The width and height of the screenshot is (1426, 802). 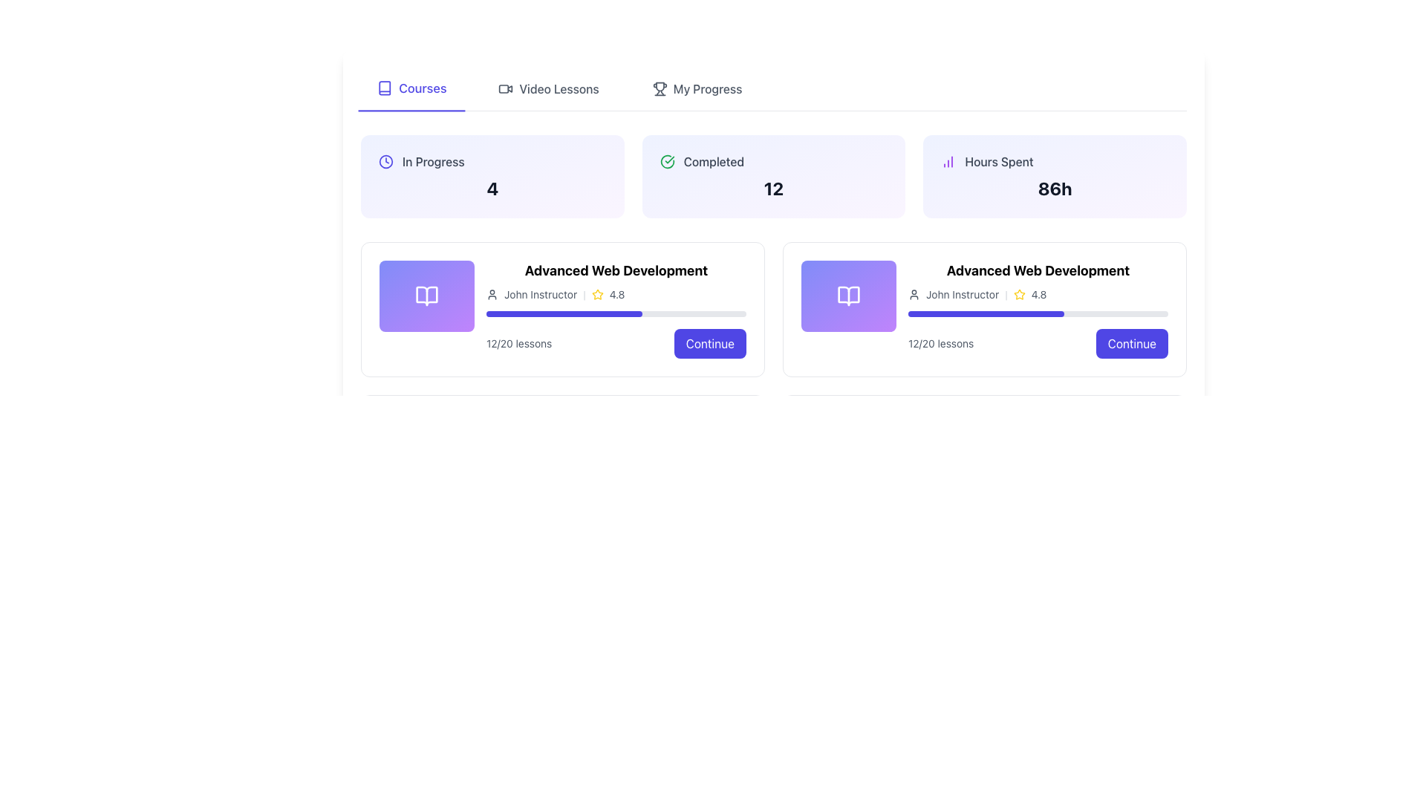 I want to click on the user avatar icon representing the instructor, which is located to the left of the 'John Instructor' label in the UI, so click(x=492, y=295).